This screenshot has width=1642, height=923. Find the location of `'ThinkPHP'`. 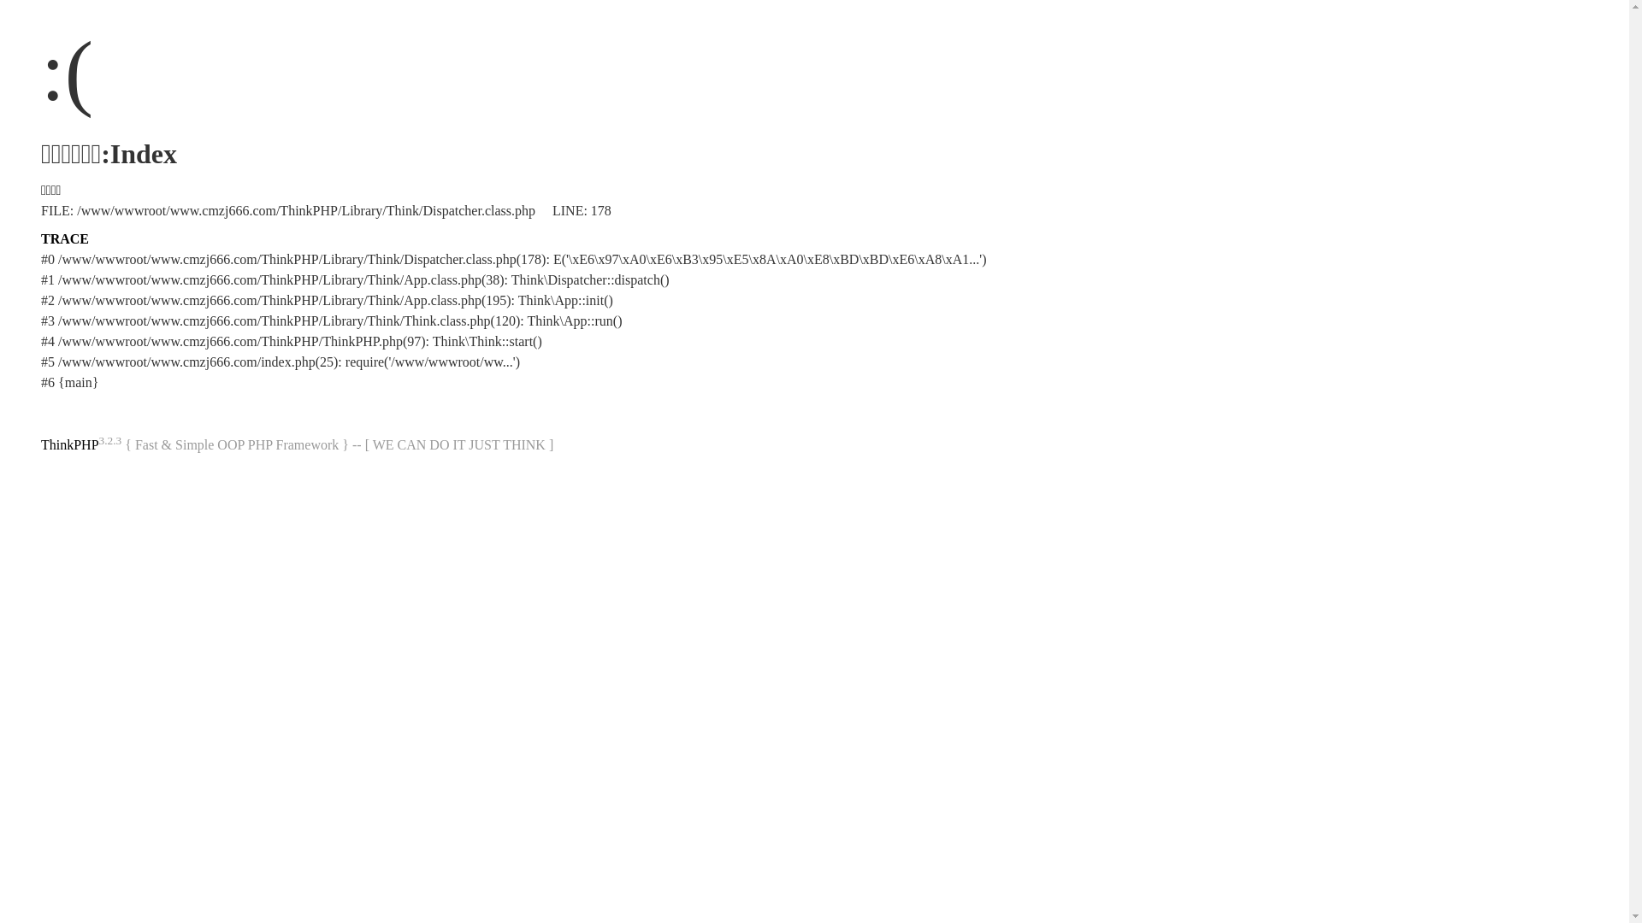

'ThinkPHP' is located at coordinates (68, 444).